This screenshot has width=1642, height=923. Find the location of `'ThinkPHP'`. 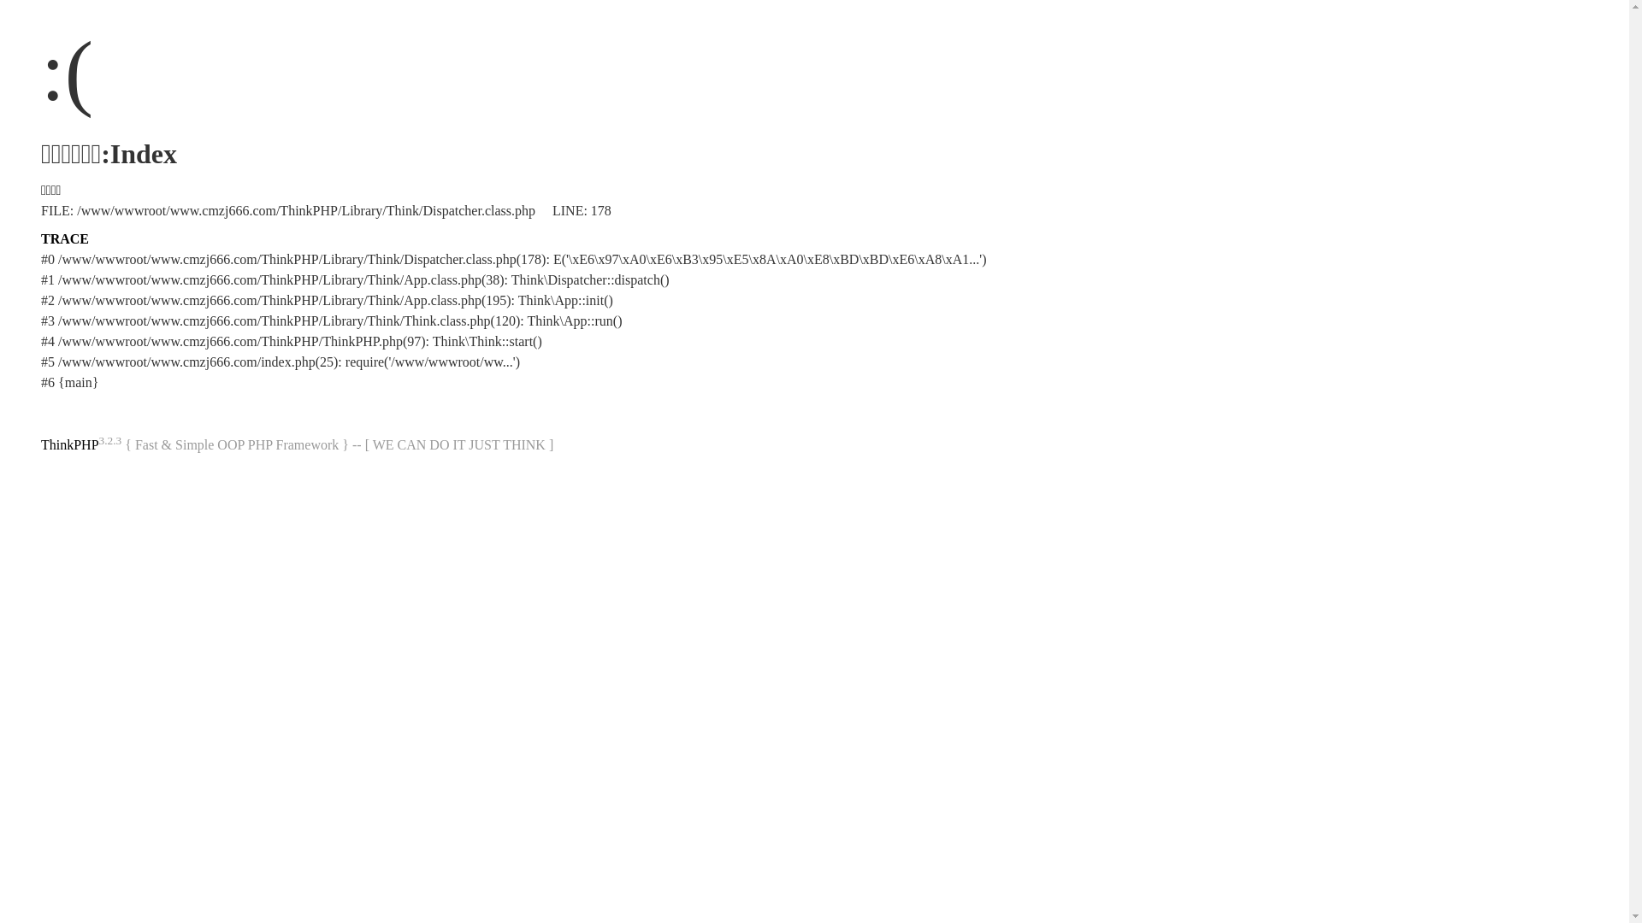

'ThinkPHP' is located at coordinates (68, 444).